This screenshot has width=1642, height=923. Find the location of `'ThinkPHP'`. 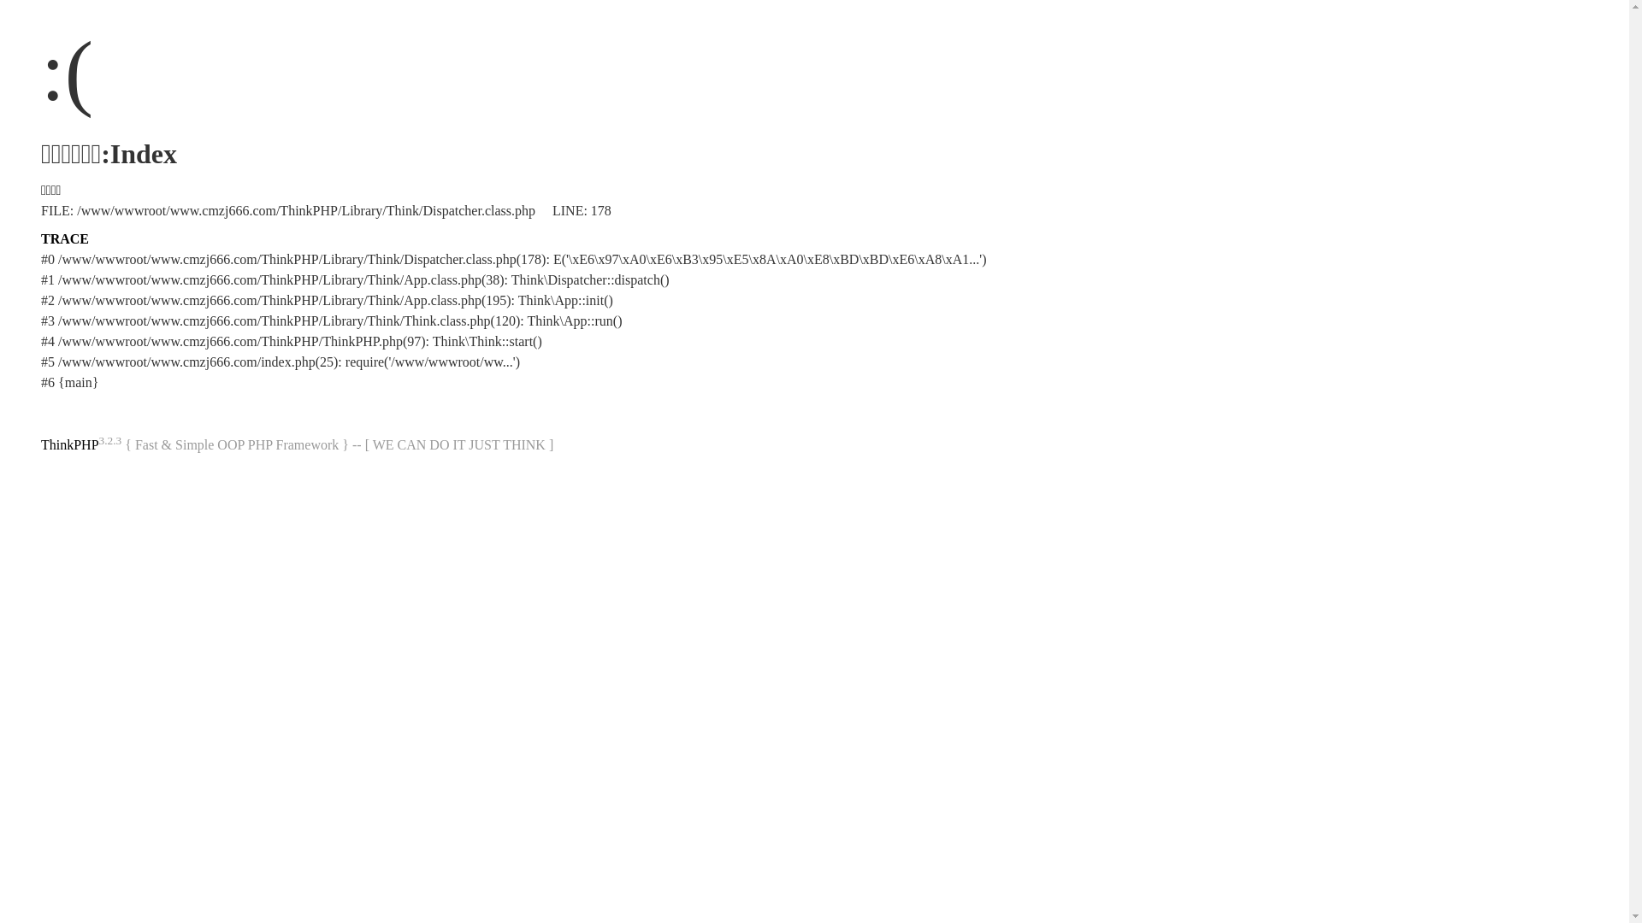

'ThinkPHP' is located at coordinates (68, 444).